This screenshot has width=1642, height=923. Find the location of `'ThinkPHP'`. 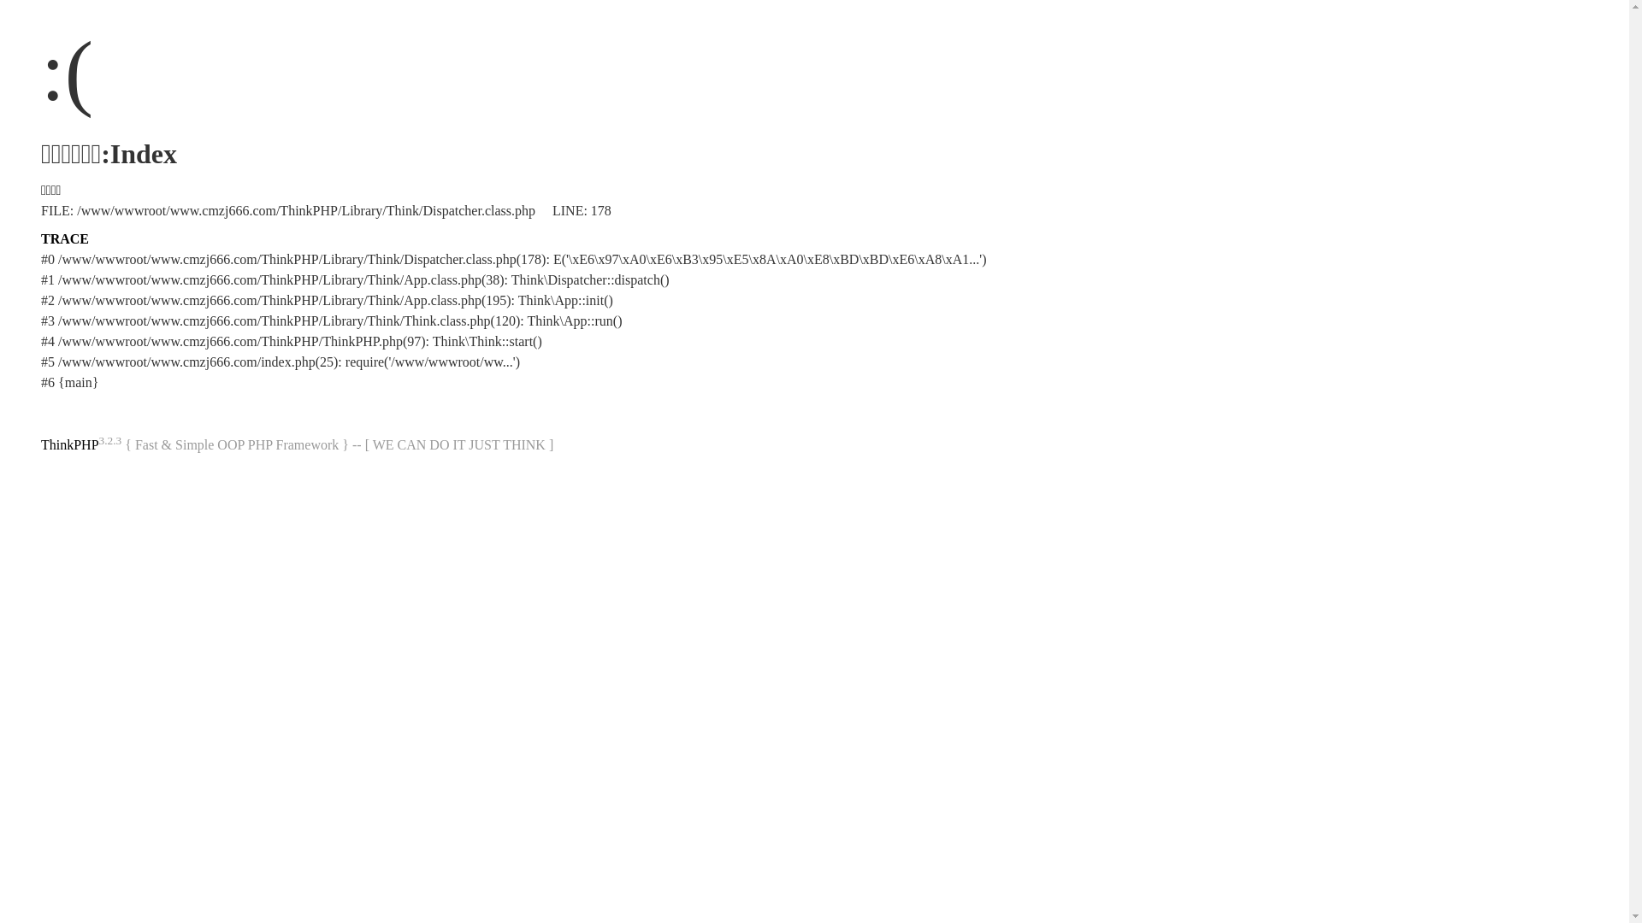

'ThinkPHP' is located at coordinates (68, 444).